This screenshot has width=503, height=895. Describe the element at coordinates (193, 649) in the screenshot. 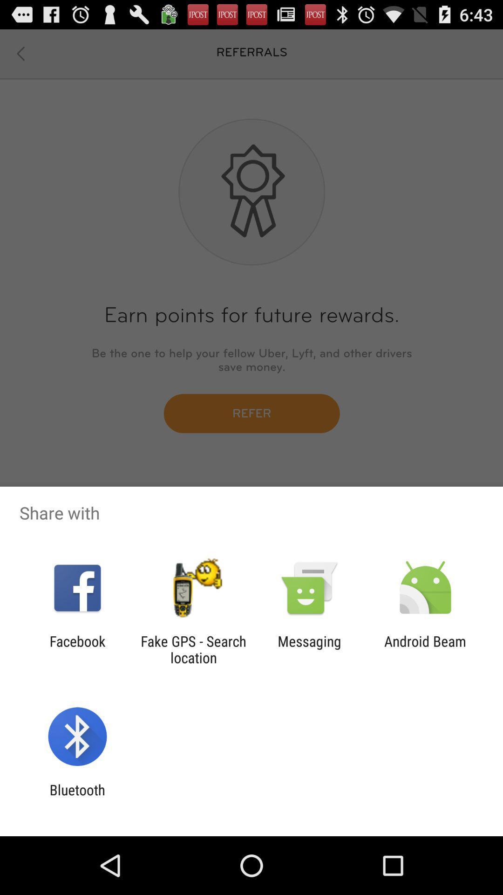

I see `the fake gps search item` at that location.